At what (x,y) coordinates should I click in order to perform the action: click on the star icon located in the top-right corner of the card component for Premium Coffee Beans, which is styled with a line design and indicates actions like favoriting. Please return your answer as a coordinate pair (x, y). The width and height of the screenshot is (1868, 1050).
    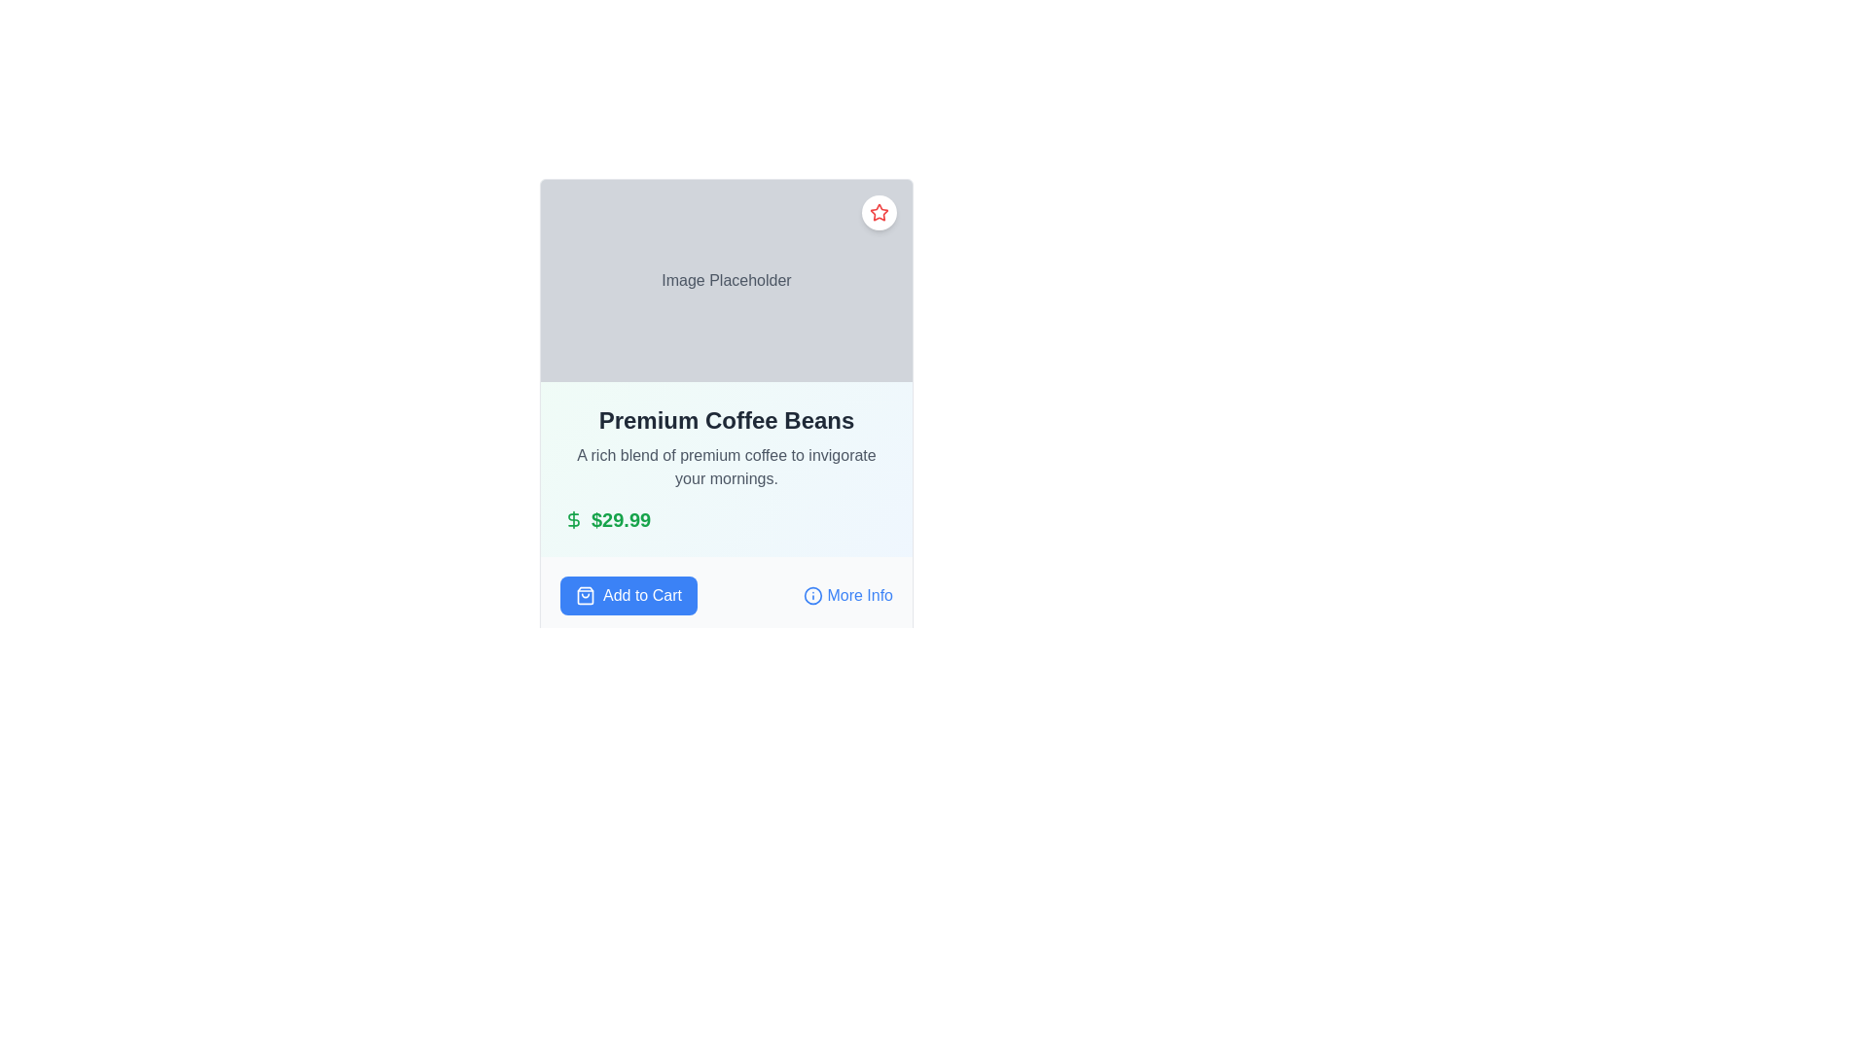
    Looking at the image, I should click on (878, 213).